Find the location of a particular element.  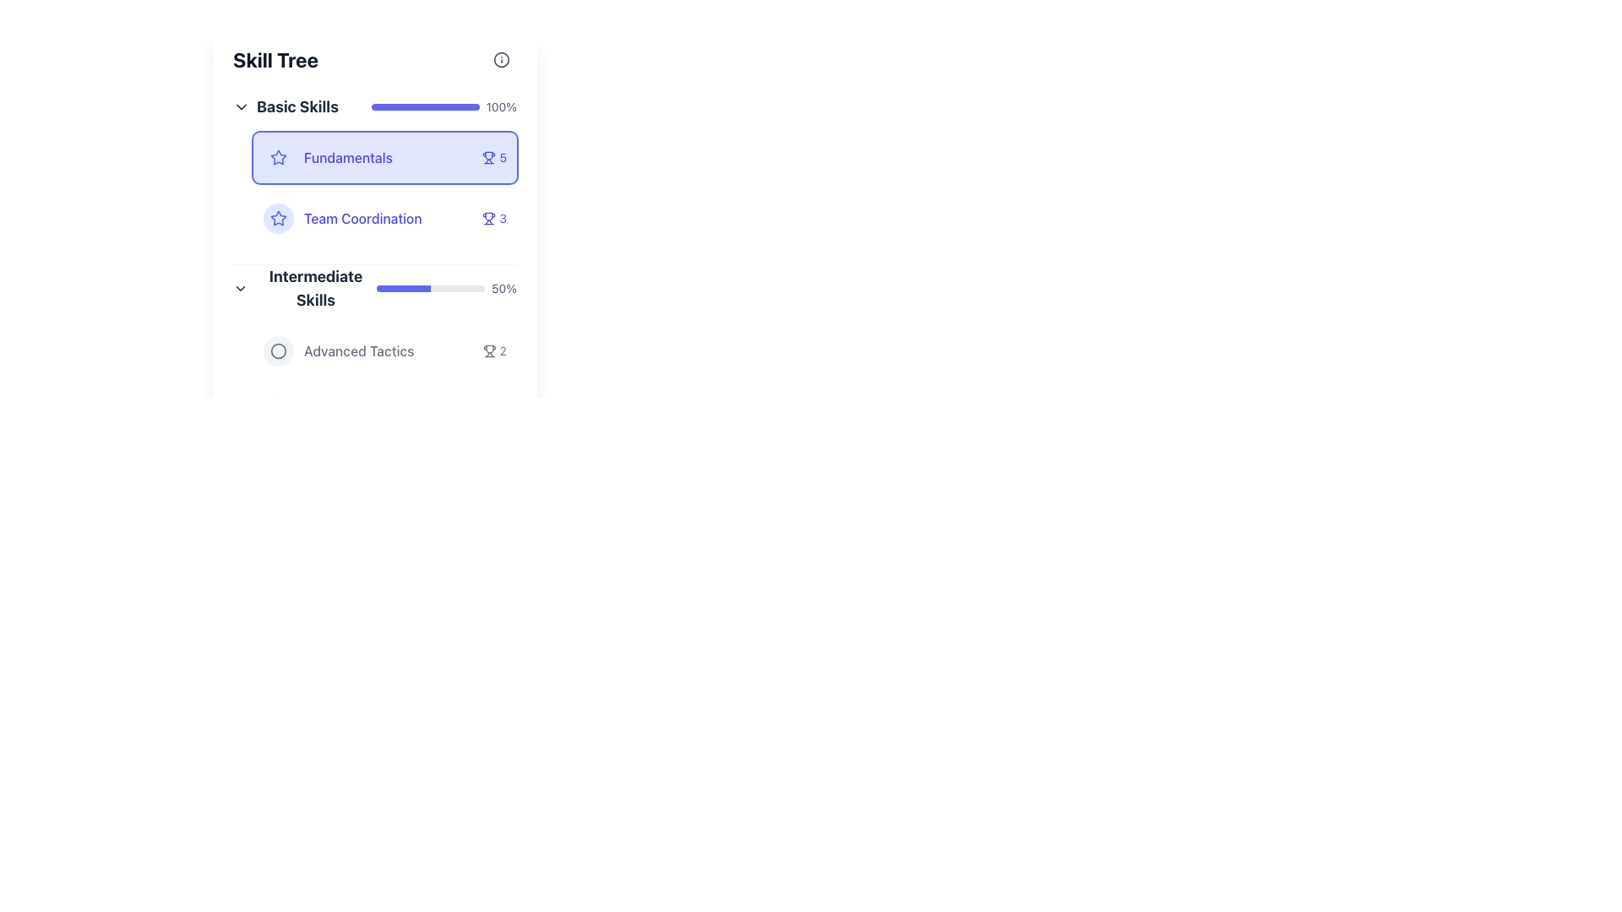

the progress bar indicating 50% completion, which is styled in indigo blue and located in the 'Intermediate Skills' section, positioned to the right of the skill title is located at coordinates (446, 288).